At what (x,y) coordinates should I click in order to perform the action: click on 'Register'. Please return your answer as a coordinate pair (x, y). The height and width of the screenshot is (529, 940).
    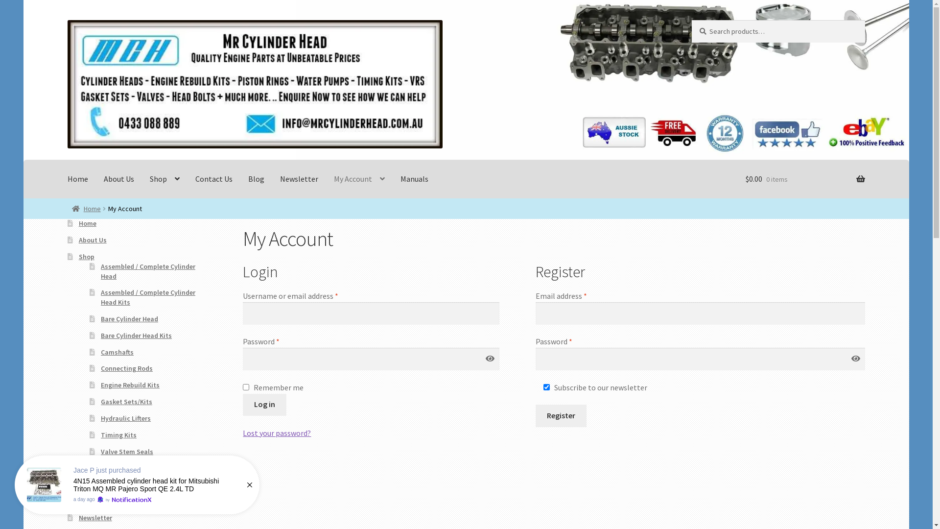
    Looking at the image, I should click on (561, 415).